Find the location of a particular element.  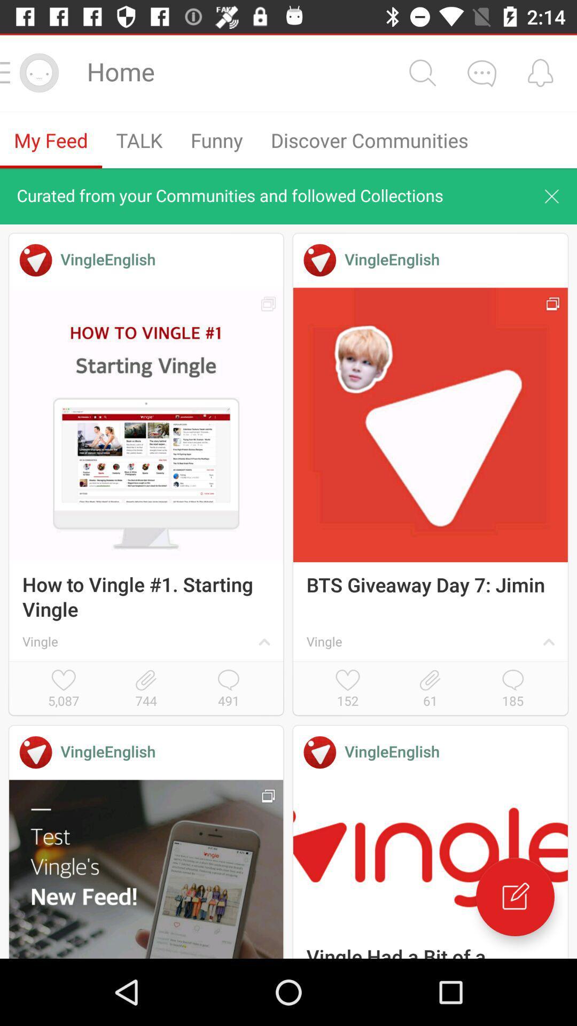

icon next to the 61 item is located at coordinates (512, 689).